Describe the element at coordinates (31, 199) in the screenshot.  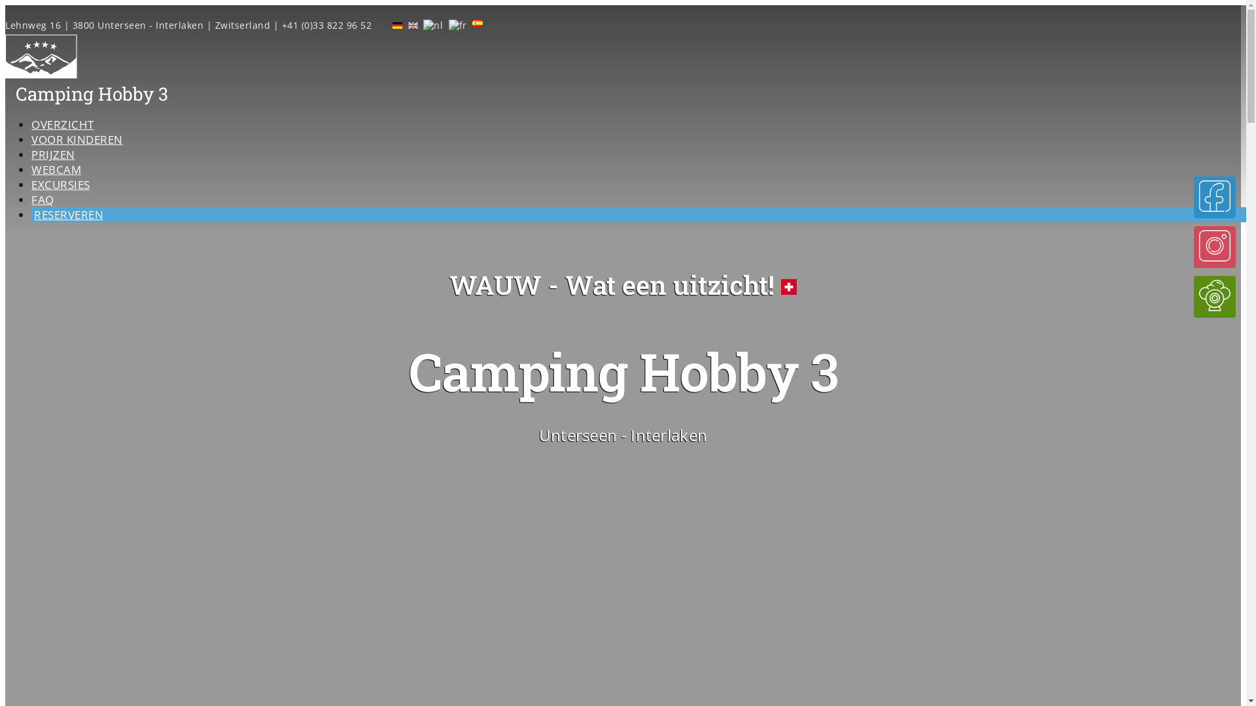
I see `'FAQ'` at that location.